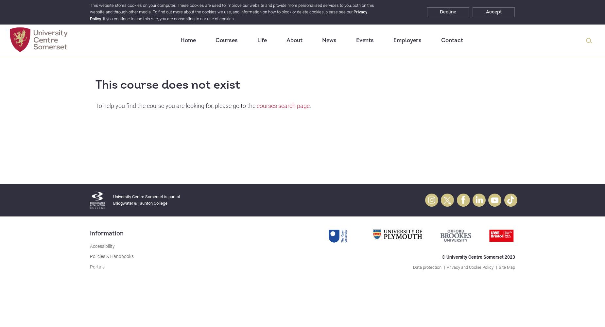 Image resolution: width=605 pixels, height=327 pixels. I want to click on 'Events', so click(364, 40).